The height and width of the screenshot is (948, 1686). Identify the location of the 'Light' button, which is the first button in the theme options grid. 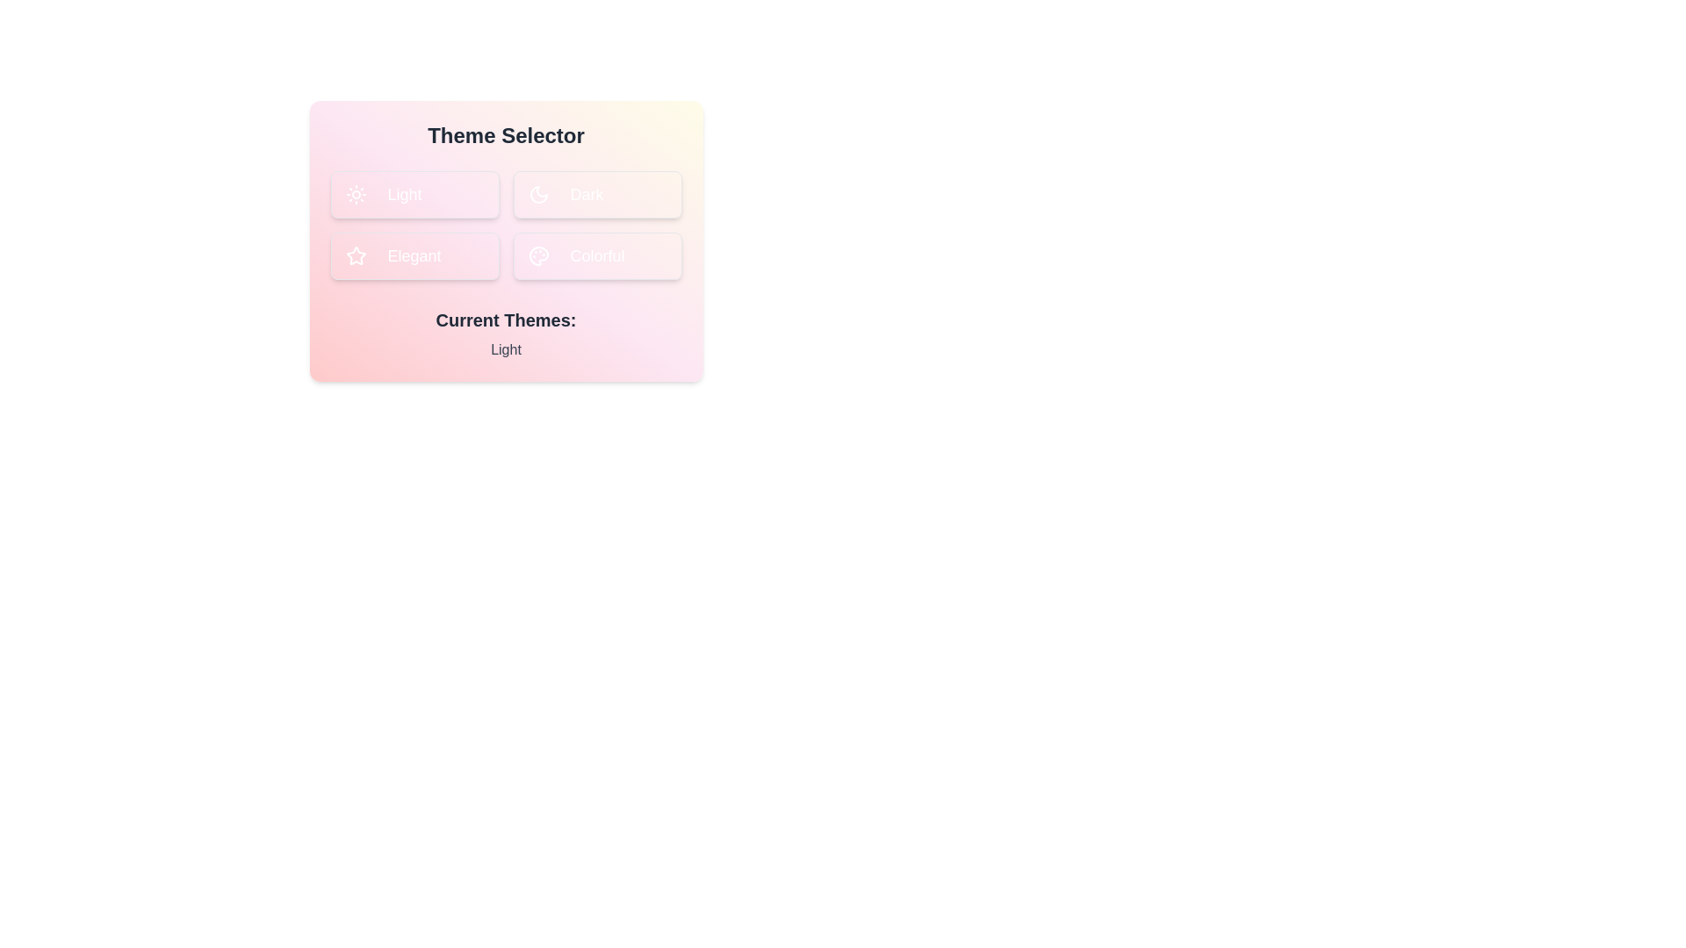
(414, 195).